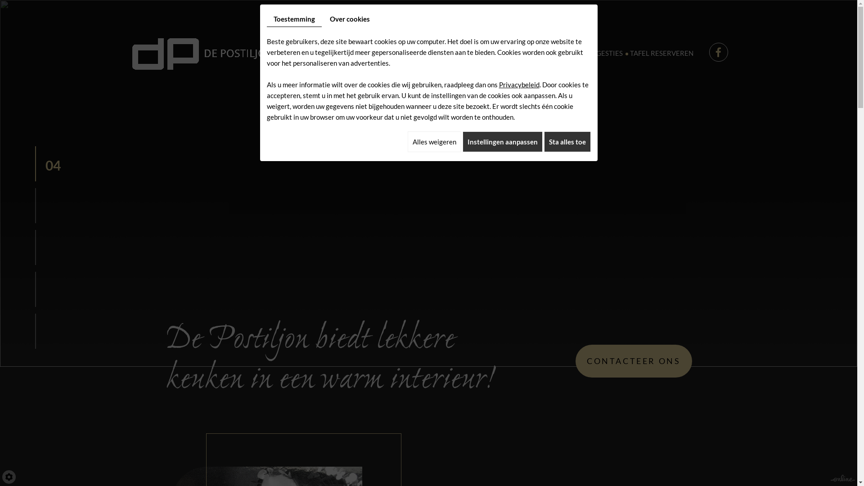  Describe the element at coordinates (423, 53) in the screenshot. I see `'KAART'` at that location.